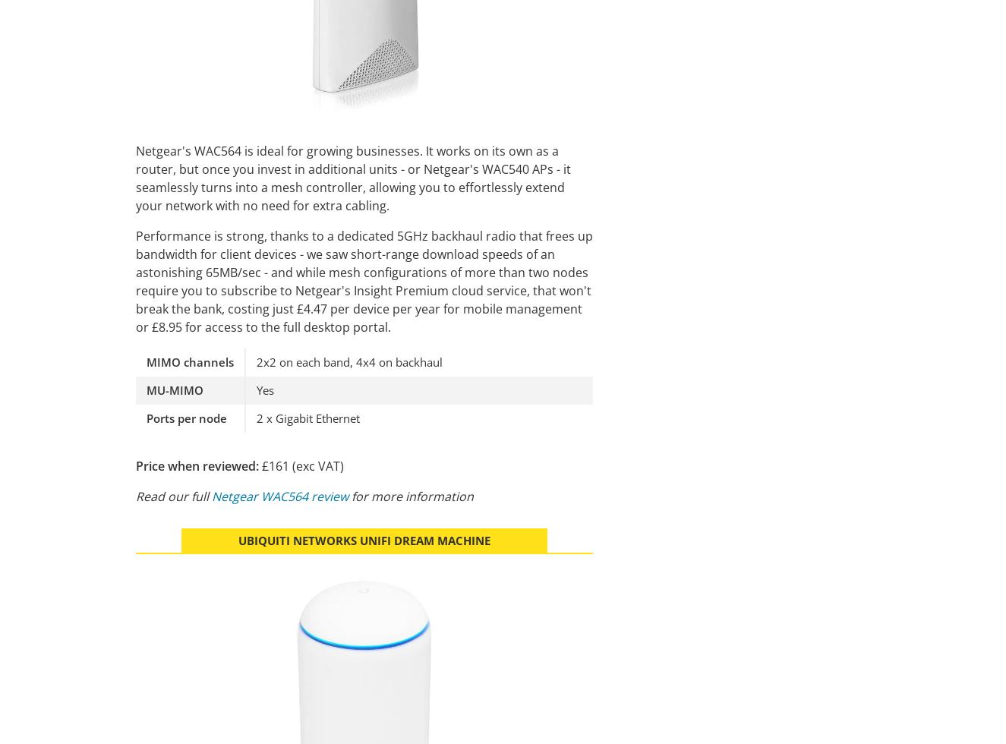  Describe the element at coordinates (264, 389) in the screenshot. I see `'Yes'` at that location.